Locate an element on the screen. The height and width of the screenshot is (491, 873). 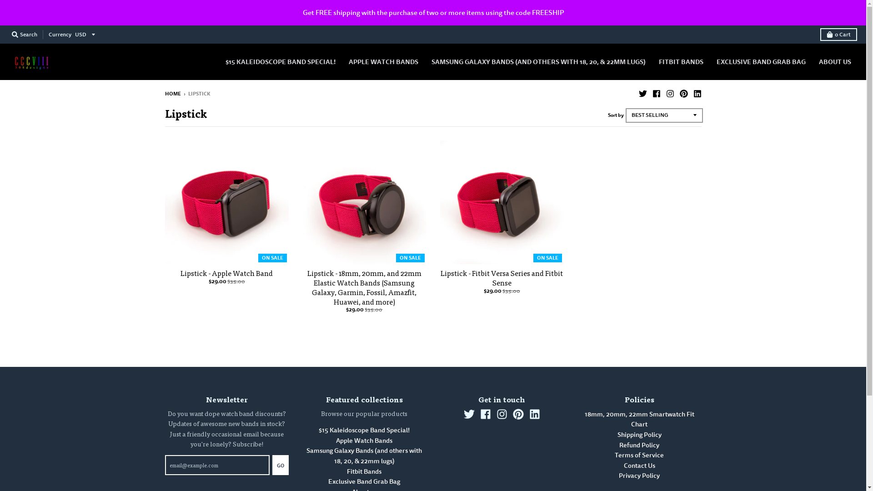
'FITBIT BANDS' is located at coordinates (681, 61).